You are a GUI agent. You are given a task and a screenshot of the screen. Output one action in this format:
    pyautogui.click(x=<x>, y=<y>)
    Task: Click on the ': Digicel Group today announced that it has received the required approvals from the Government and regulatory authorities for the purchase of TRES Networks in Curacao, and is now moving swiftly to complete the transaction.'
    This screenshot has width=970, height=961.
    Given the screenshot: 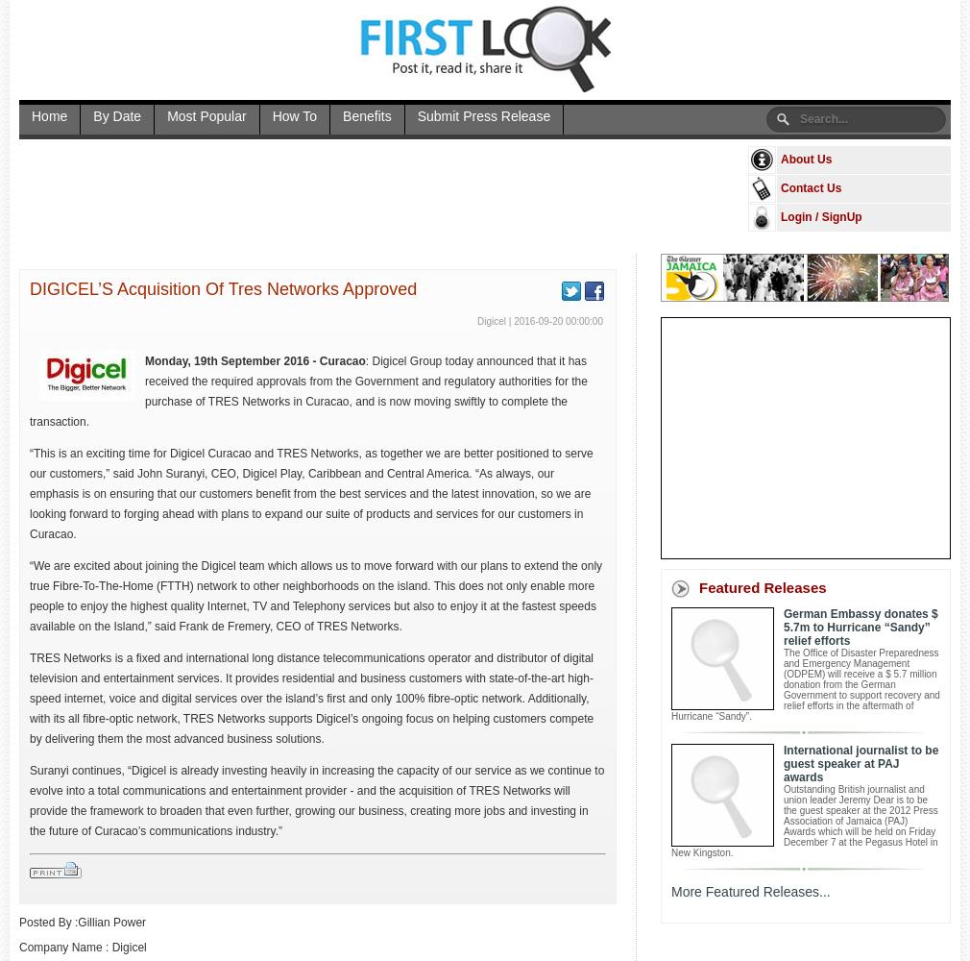 What is the action you would take?
    pyautogui.click(x=307, y=391)
    